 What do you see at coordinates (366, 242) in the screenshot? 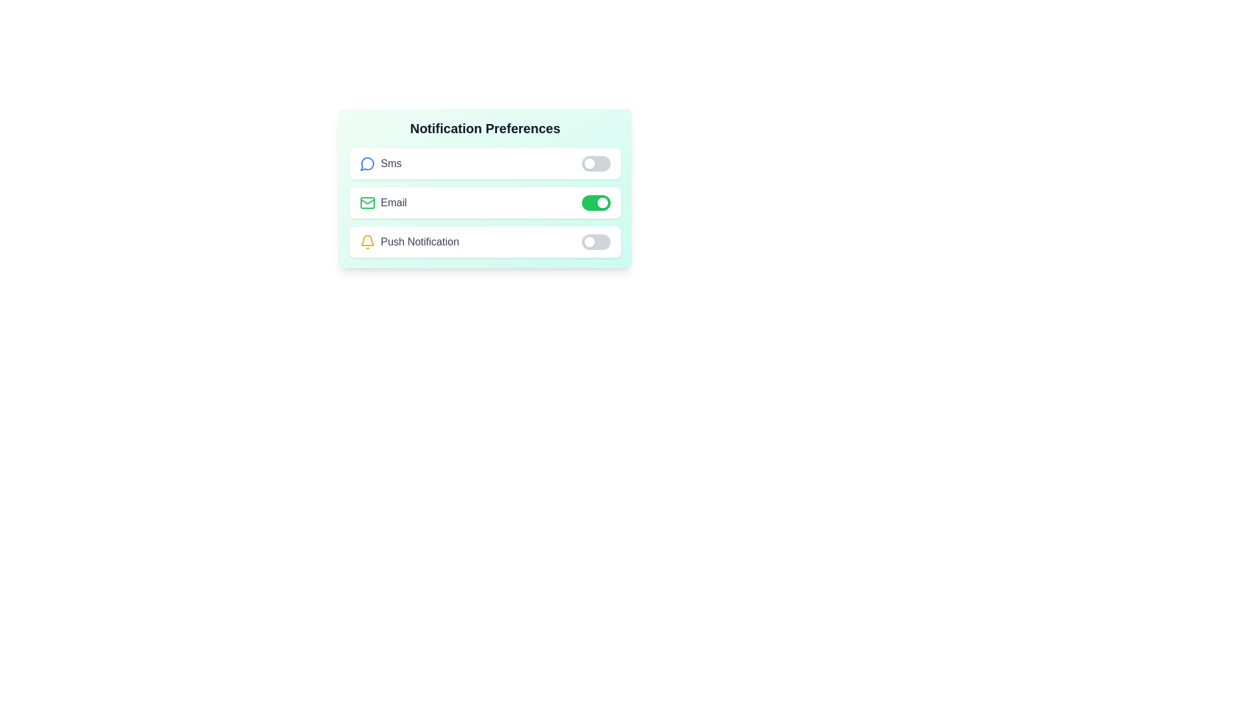
I see `the yellow bell icon representing notifications, which is located to the left of the 'Push Notification' text in the last row of options` at bounding box center [366, 242].